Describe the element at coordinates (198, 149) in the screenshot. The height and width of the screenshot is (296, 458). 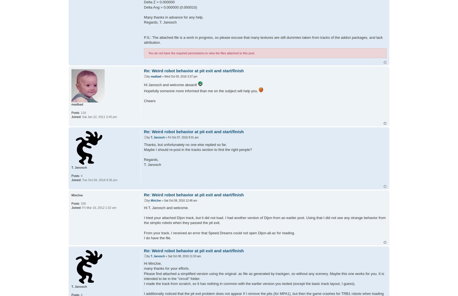
I see `'Maybe I should re-post in the tracks section to find the right people?'` at that location.